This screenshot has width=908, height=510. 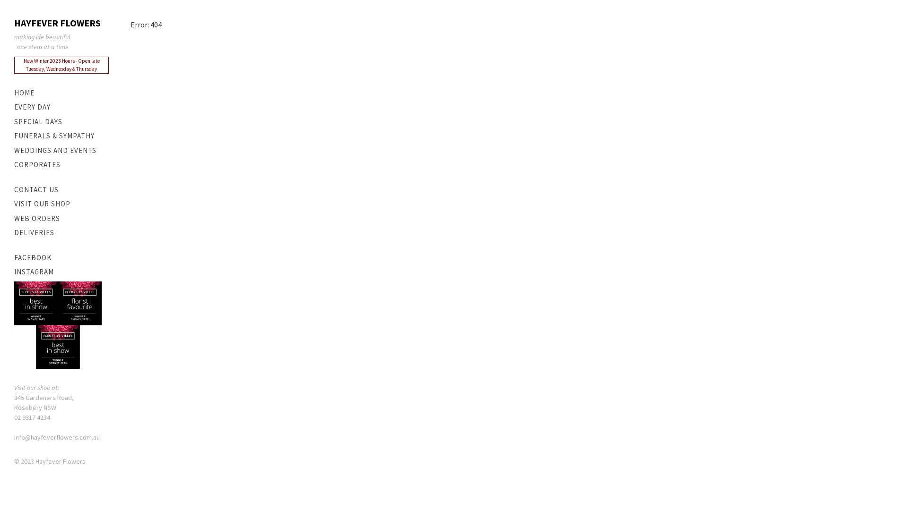 What do you see at coordinates (61, 233) in the screenshot?
I see `'DELIVERIES'` at bounding box center [61, 233].